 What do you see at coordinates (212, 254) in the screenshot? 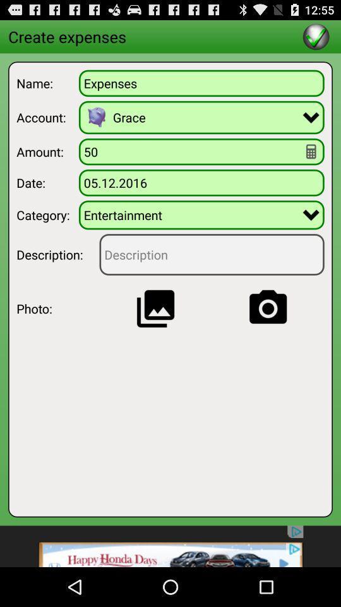
I see `feed back to be given` at bounding box center [212, 254].